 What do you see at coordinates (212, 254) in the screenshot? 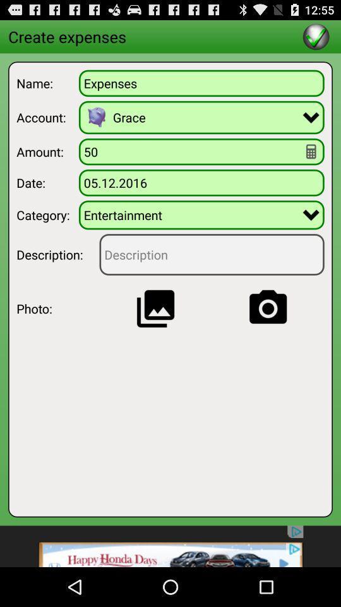
I see `feed back to be given` at bounding box center [212, 254].